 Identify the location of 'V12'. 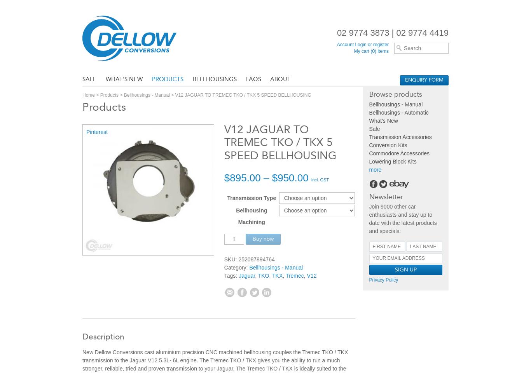
(311, 275).